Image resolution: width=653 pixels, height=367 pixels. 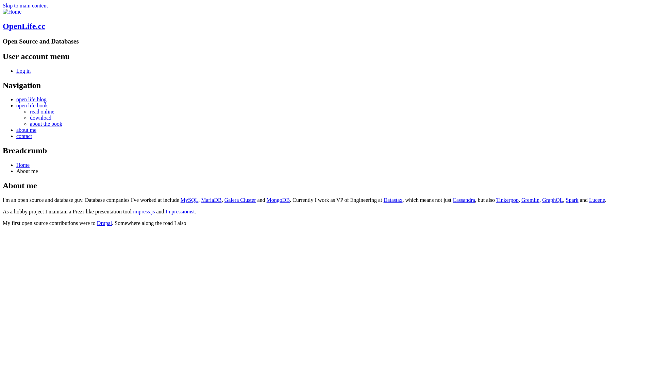 I want to click on 'Tinkerpop', so click(x=507, y=199).